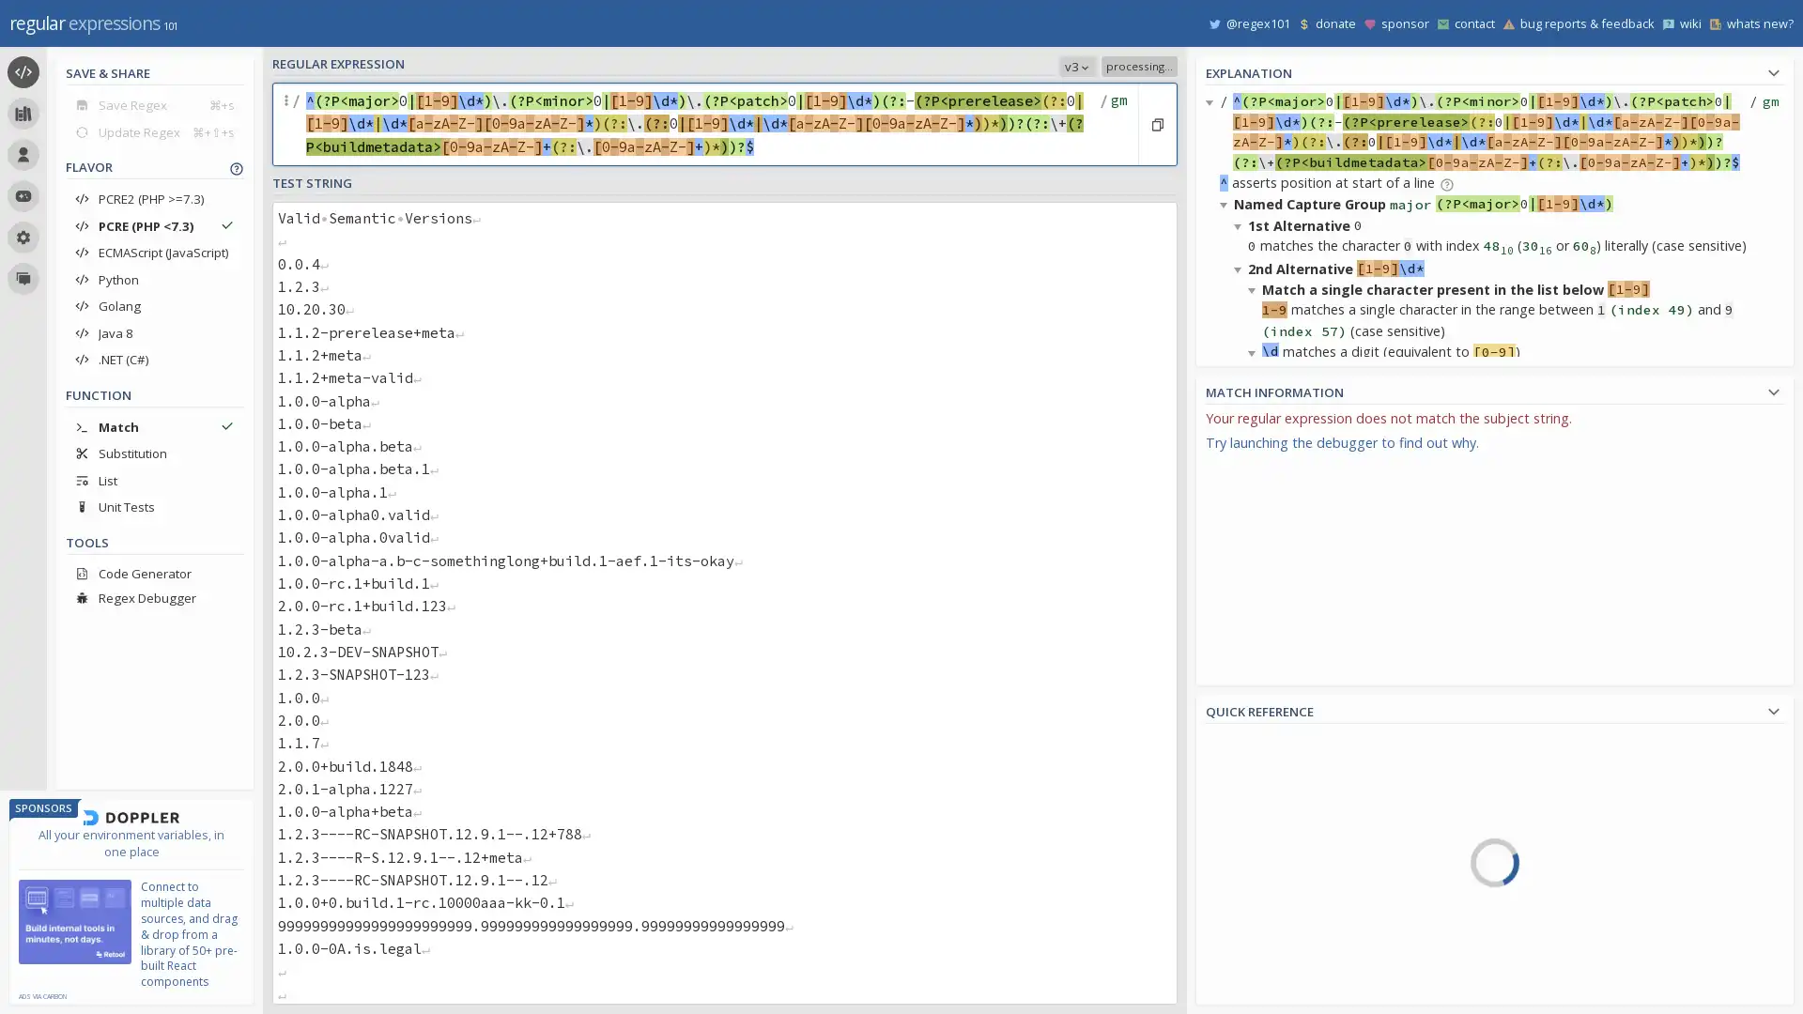 Image resolution: width=1803 pixels, height=1014 pixels. What do you see at coordinates (154, 279) in the screenshot?
I see `Python` at bounding box center [154, 279].